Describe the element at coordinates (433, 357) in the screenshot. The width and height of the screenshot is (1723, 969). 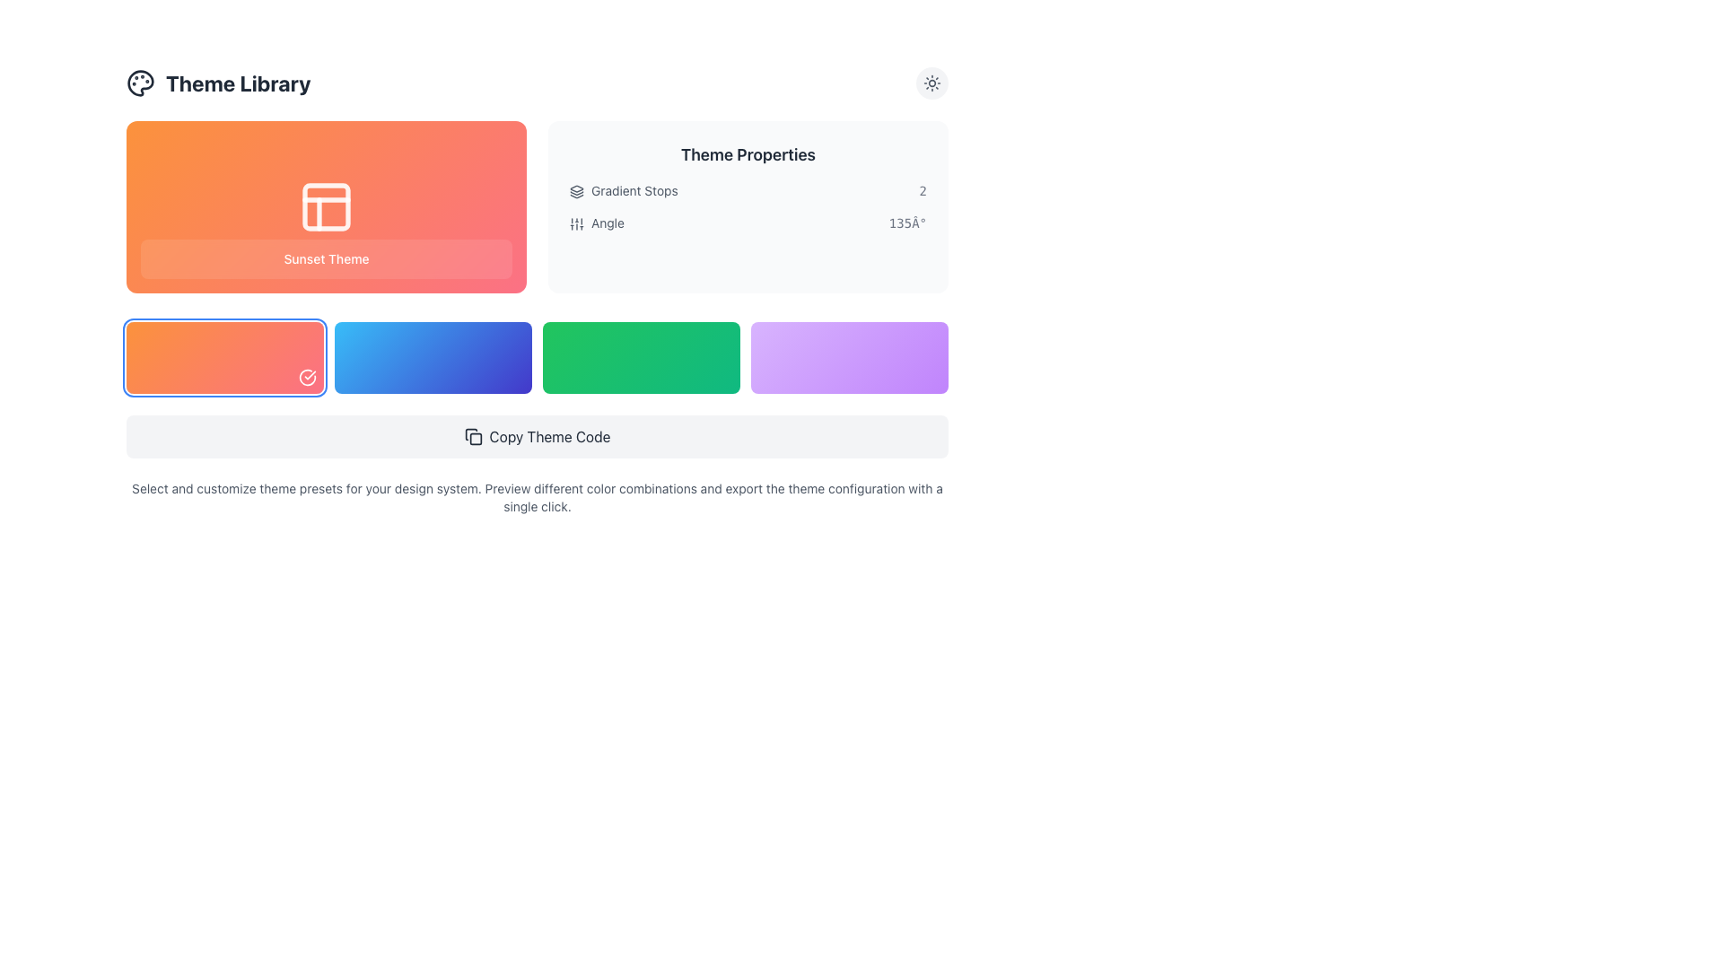
I see `the rounded rectangular button with a blue gradient located below the 'Sunset Theme' component` at that location.